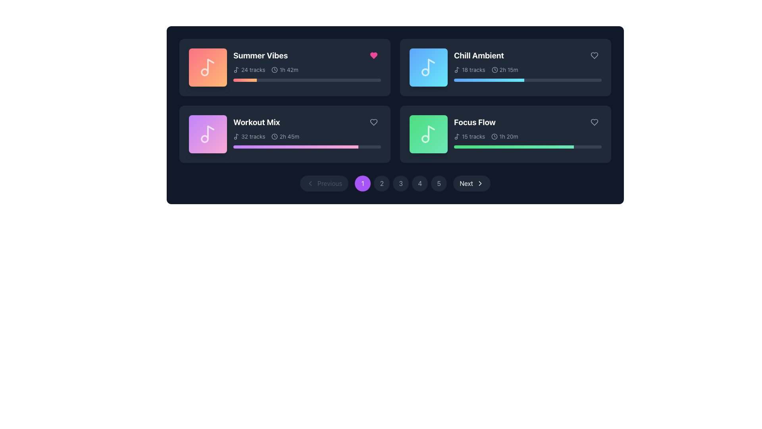 The width and height of the screenshot is (762, 429). What do you see at coordinates (594, 55) in the screenshot?
I see `the heart-shaped icon button located in the top-right corner of the 'Chill Ambient' card to favorite or unfavorite it` at bounding box center [594, 55].